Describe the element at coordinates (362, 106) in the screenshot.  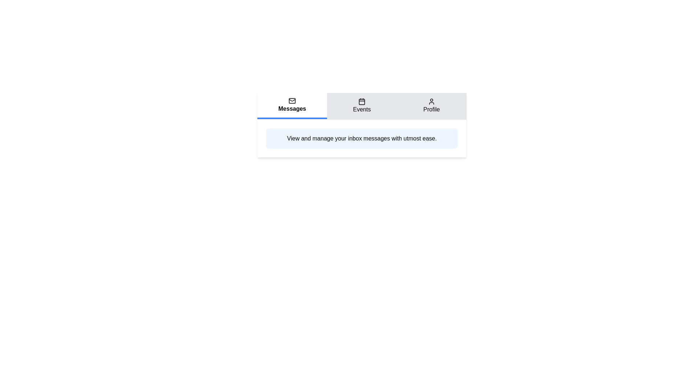
I see `the Events tab by clicking on its title or icon` at that location.